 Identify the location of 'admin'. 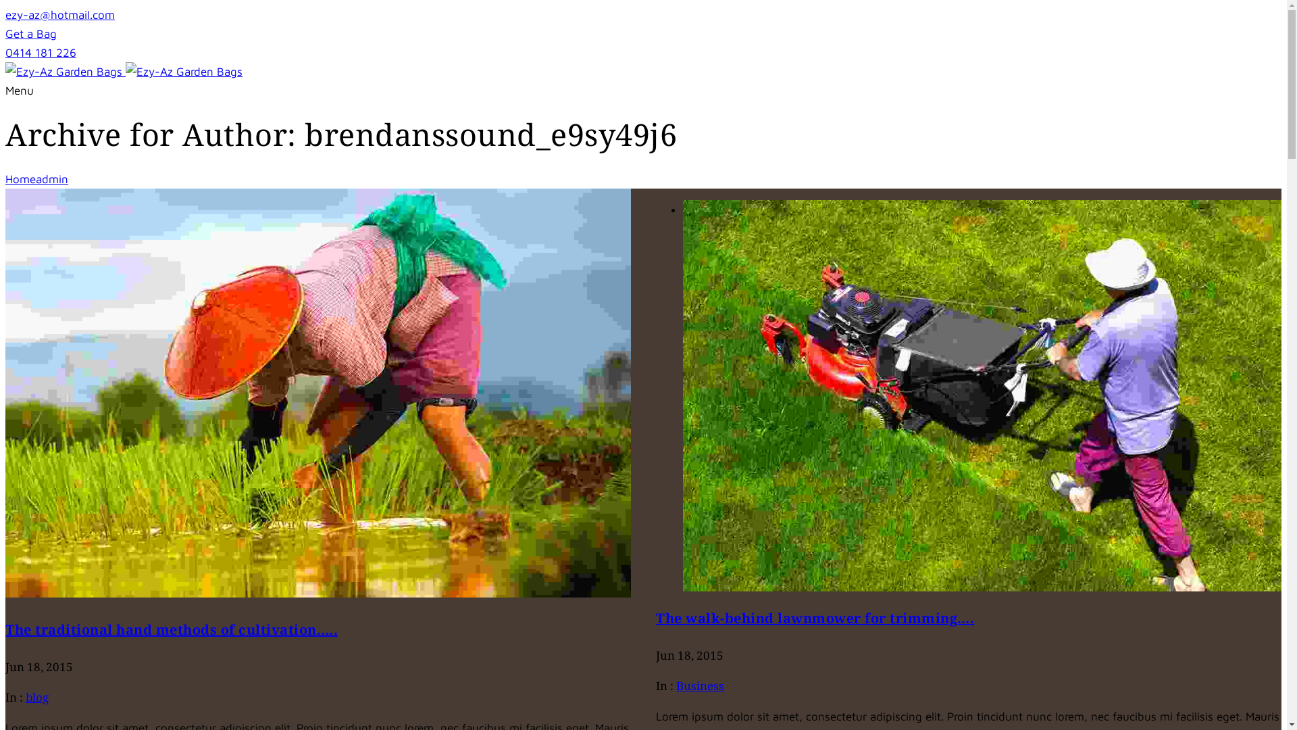
(51, 178).